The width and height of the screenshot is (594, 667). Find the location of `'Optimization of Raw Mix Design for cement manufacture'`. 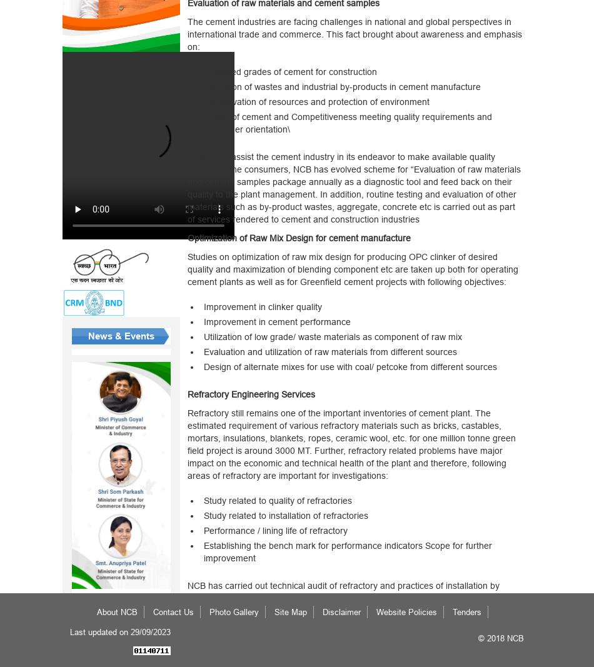

'Optimization of Raw Mix Design for cement manufacture' is located at coordinates (298, 236).